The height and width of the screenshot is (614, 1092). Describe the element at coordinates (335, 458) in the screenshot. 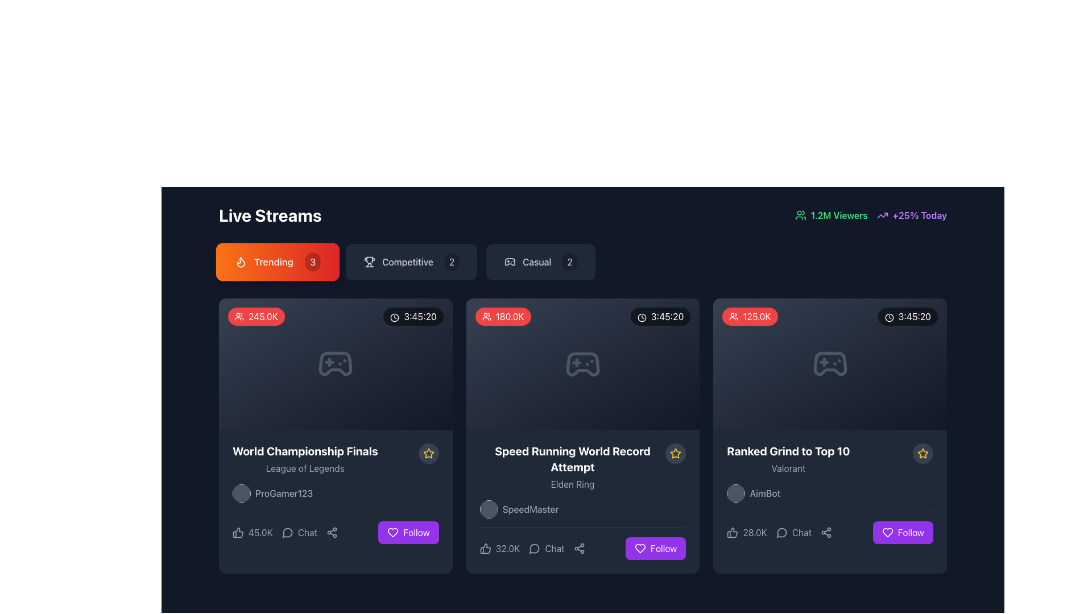

I see `text from the composite text block displaying the title 'World Championship Finals' and subtitle 'League of Legends', located in the first card layout` at that location.